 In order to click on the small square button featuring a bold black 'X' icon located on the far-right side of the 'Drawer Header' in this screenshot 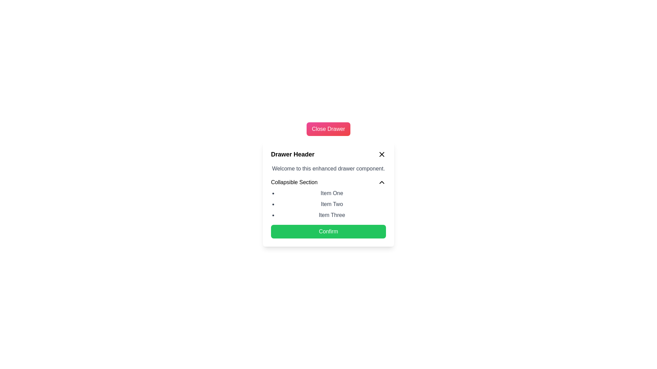, I will do `click(382, 154)`.